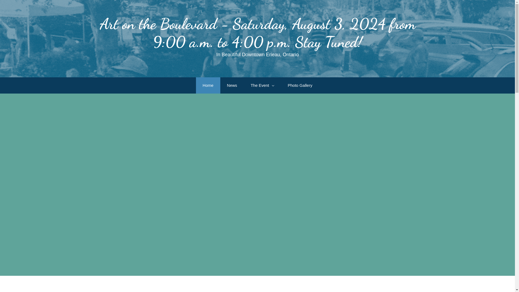 The image size is (519, 292). Describe the element at coordinates (232, 85) in the screenshot. I see `'News'` at that location.